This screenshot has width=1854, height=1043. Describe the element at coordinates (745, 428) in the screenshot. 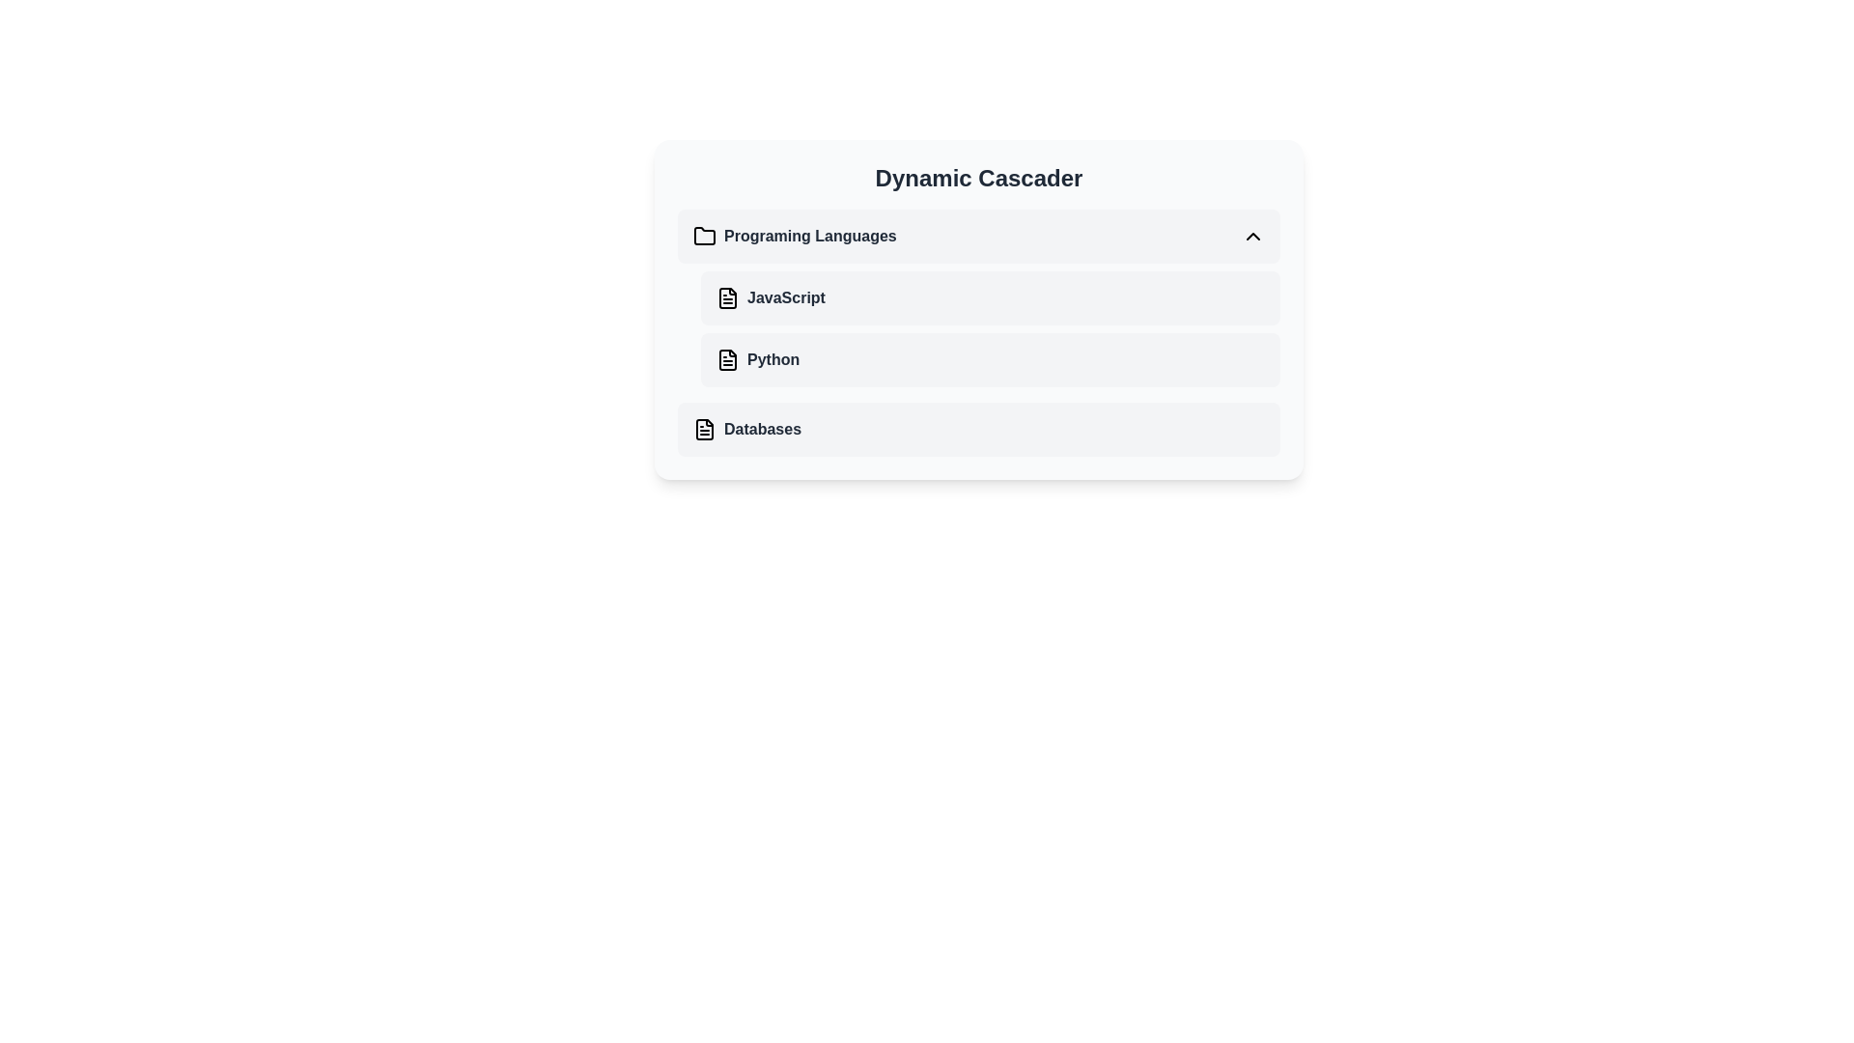

I see `the text label displaying 'Databases', which is styled with bold font and gray color` at that location.